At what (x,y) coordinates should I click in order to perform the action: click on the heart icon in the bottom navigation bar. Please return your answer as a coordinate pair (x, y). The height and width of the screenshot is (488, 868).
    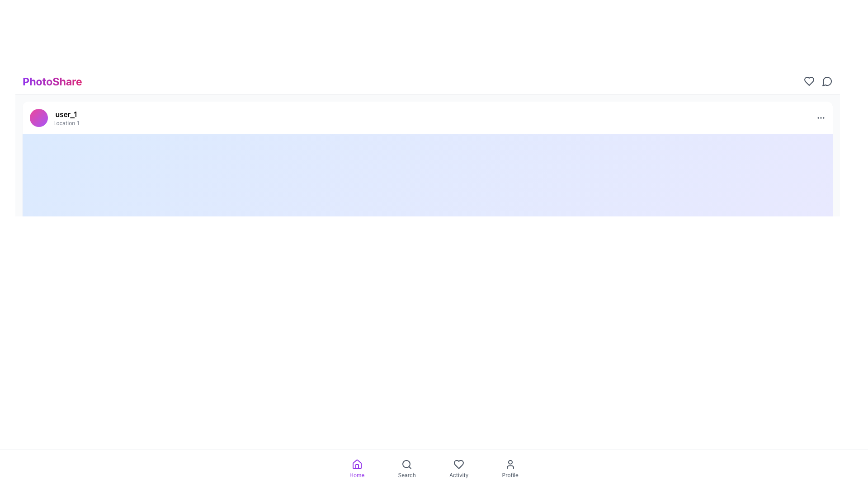
    Looking at the image, I should click on (459, 465).